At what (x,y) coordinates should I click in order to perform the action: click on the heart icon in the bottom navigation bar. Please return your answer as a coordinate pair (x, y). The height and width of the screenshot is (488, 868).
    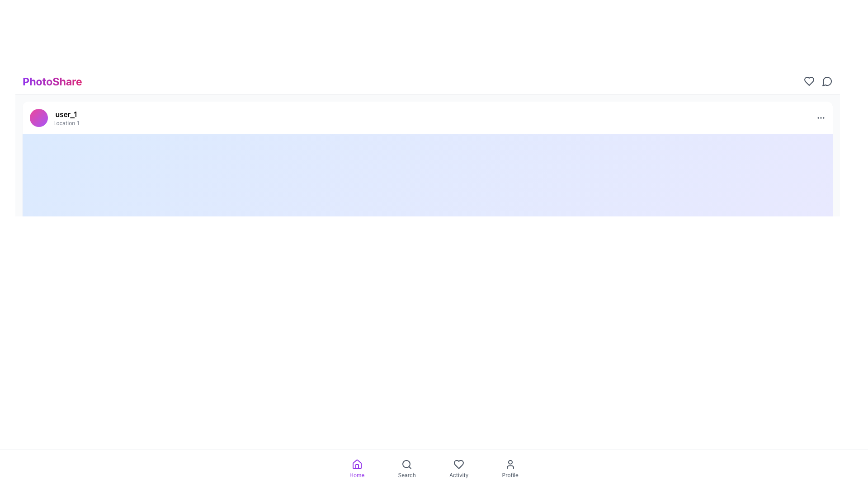
    Looking at the image, I should click on (459, 465).